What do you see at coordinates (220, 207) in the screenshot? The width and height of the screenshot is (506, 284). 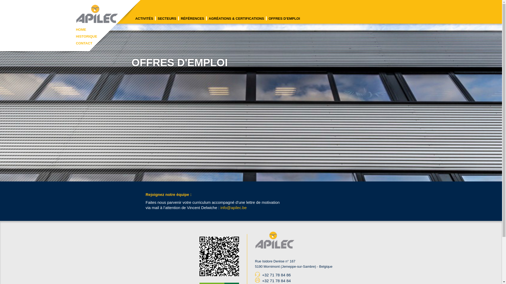 I see `'info@apilec.be'` at bounding box center [220, 207].